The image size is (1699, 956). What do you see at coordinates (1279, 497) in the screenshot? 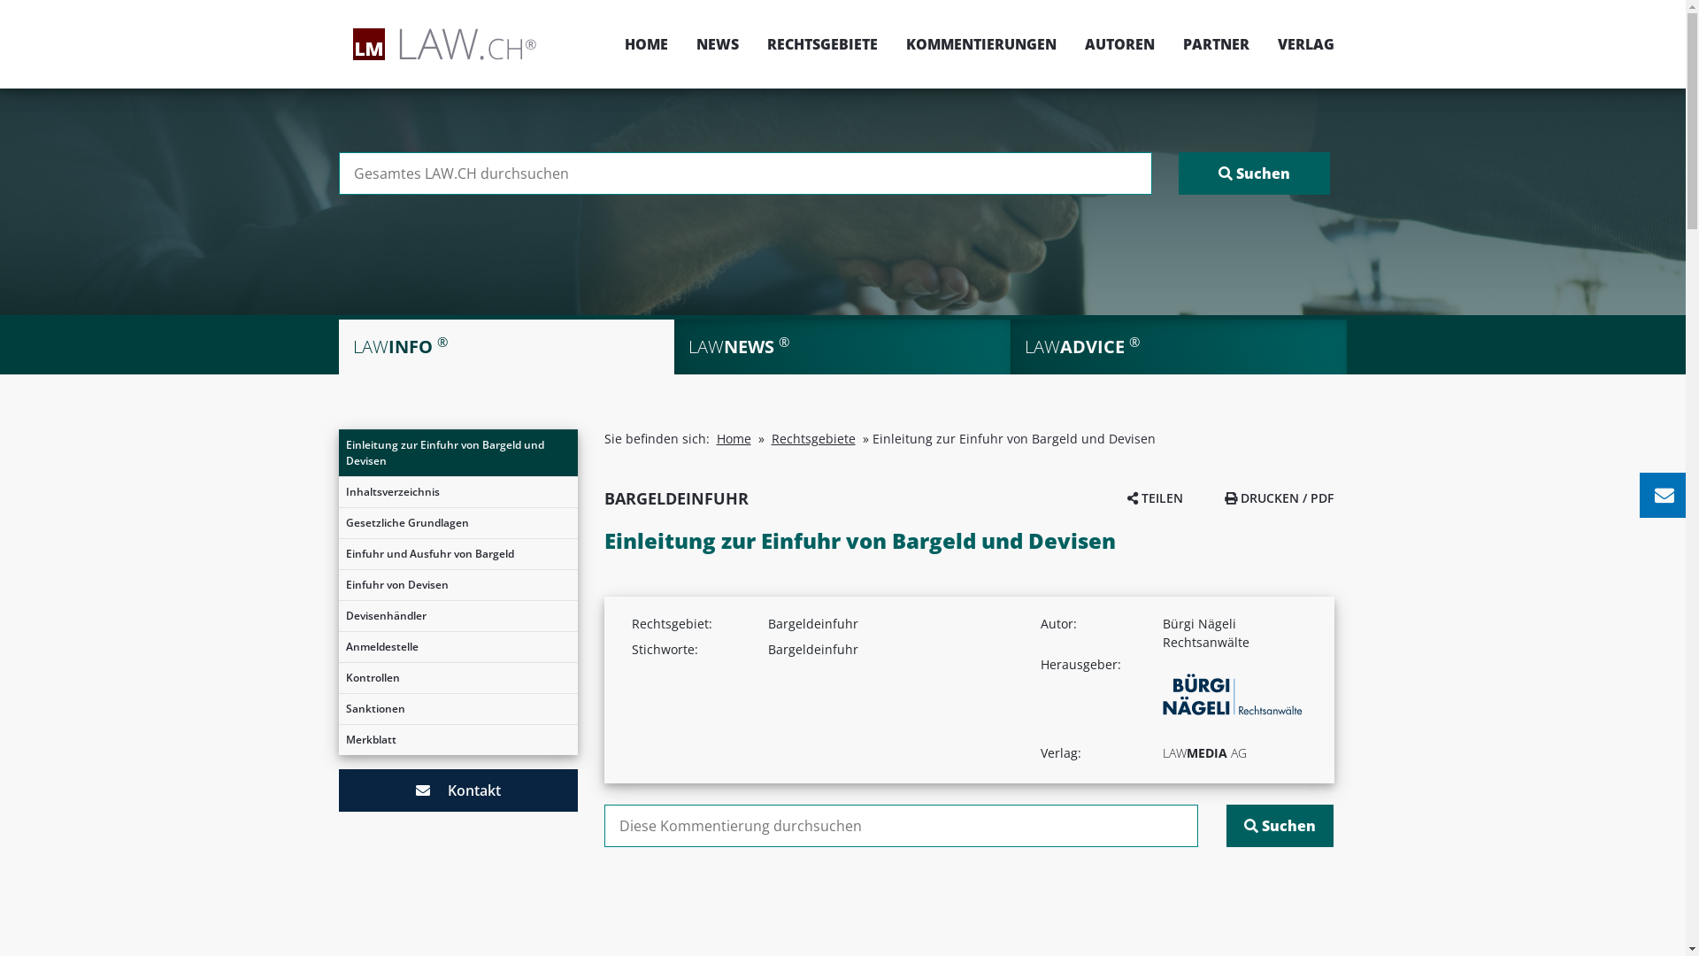
I see `' DRUCKEN / PDF'` at bounding box center [1279, 497].